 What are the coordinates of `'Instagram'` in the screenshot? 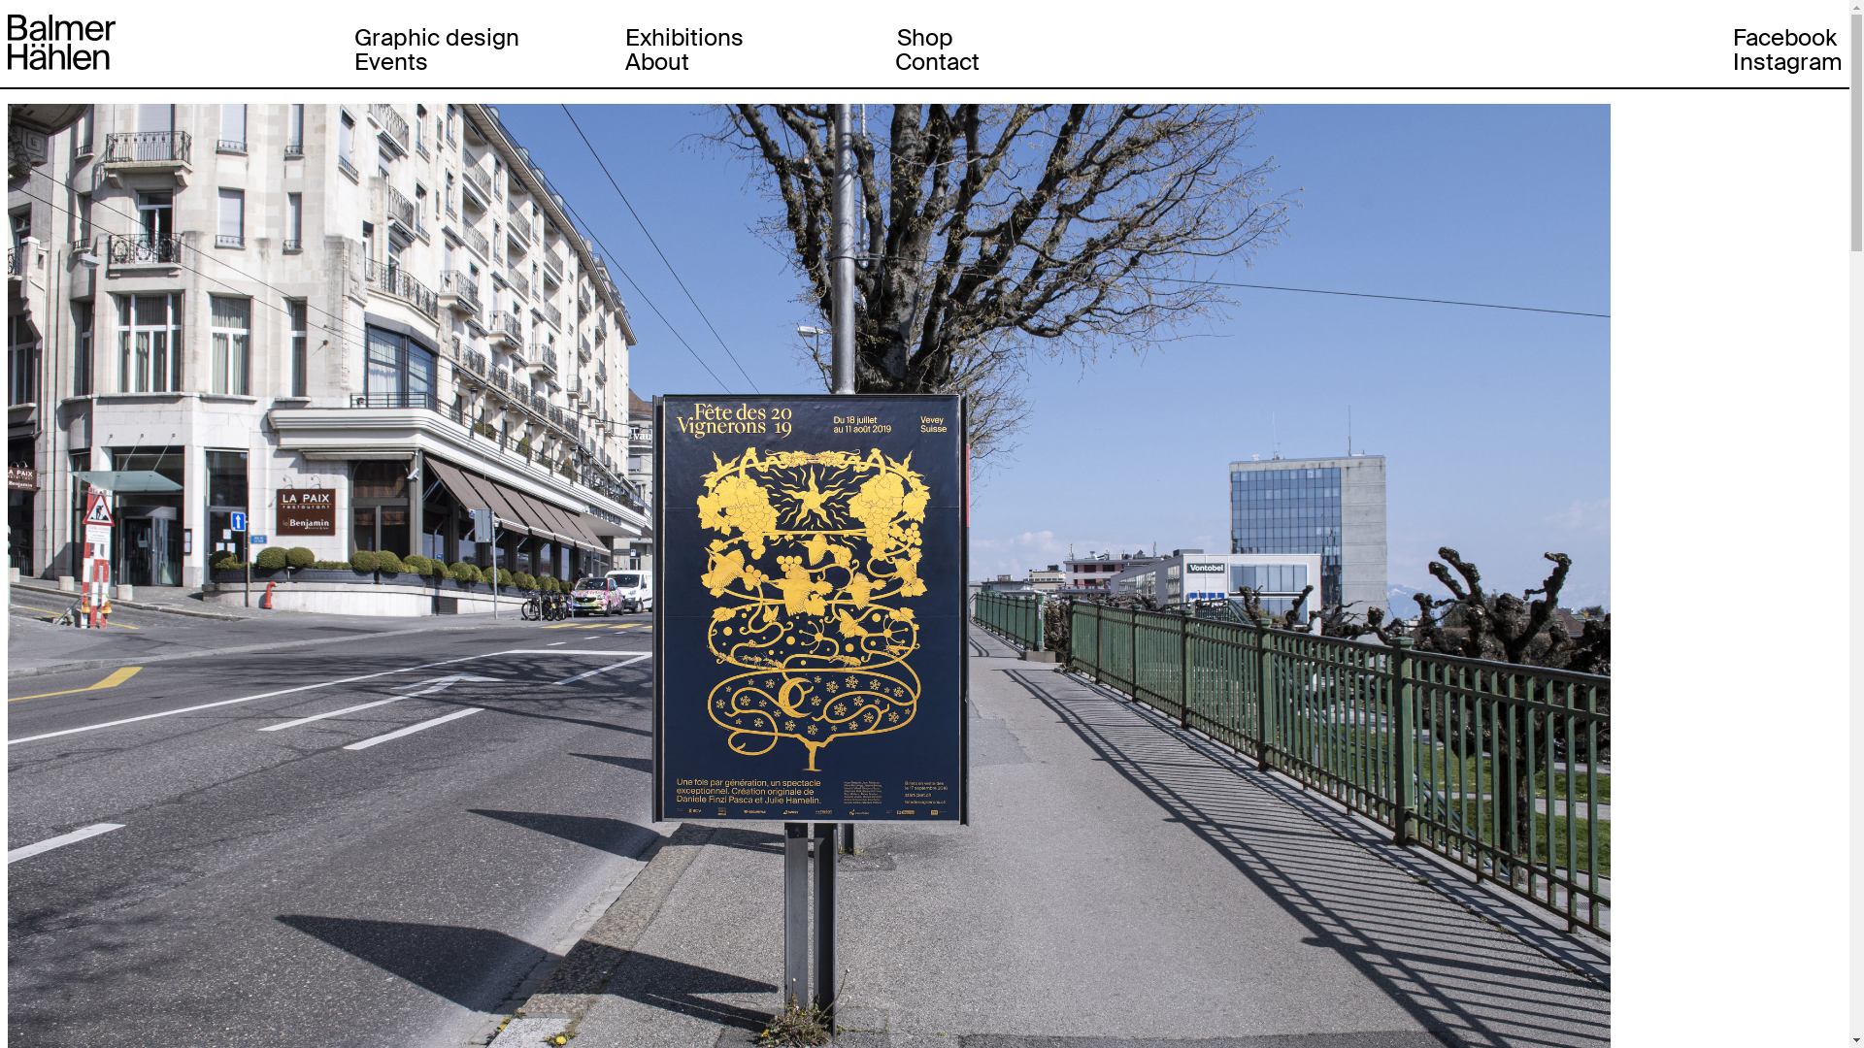 It's located at (1786, 60).